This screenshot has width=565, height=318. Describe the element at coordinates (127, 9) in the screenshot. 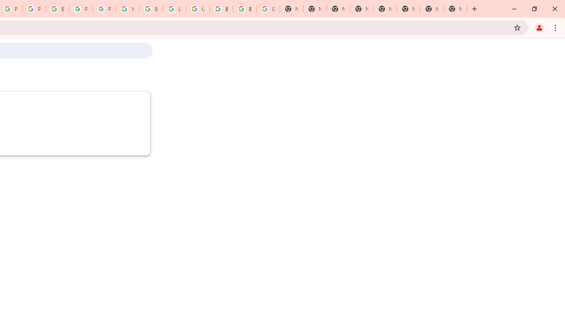

I see `'YouTube'` at that location.